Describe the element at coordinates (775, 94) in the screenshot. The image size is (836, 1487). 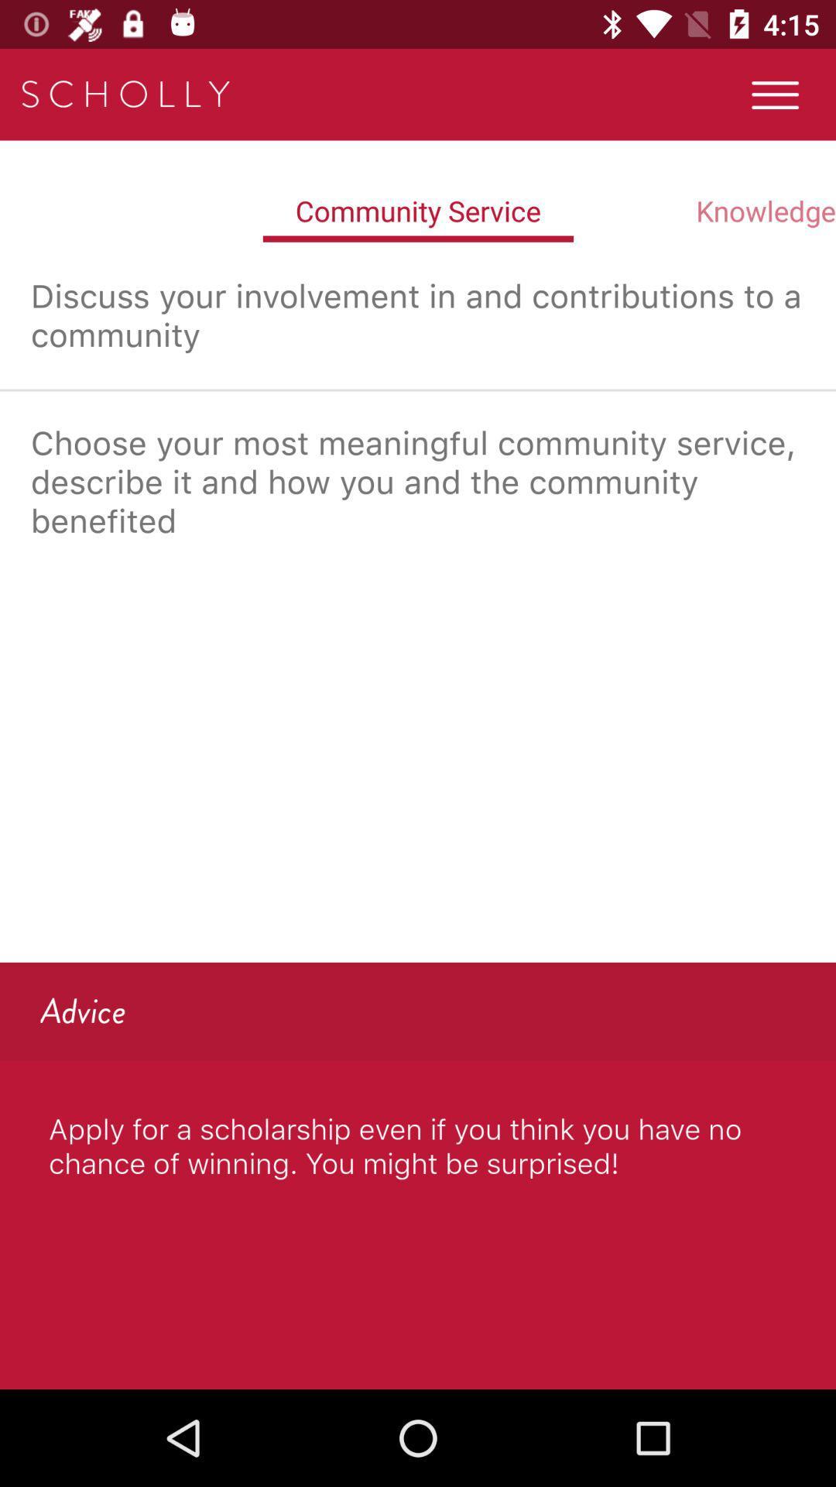
I see `the menu icon` at that location.